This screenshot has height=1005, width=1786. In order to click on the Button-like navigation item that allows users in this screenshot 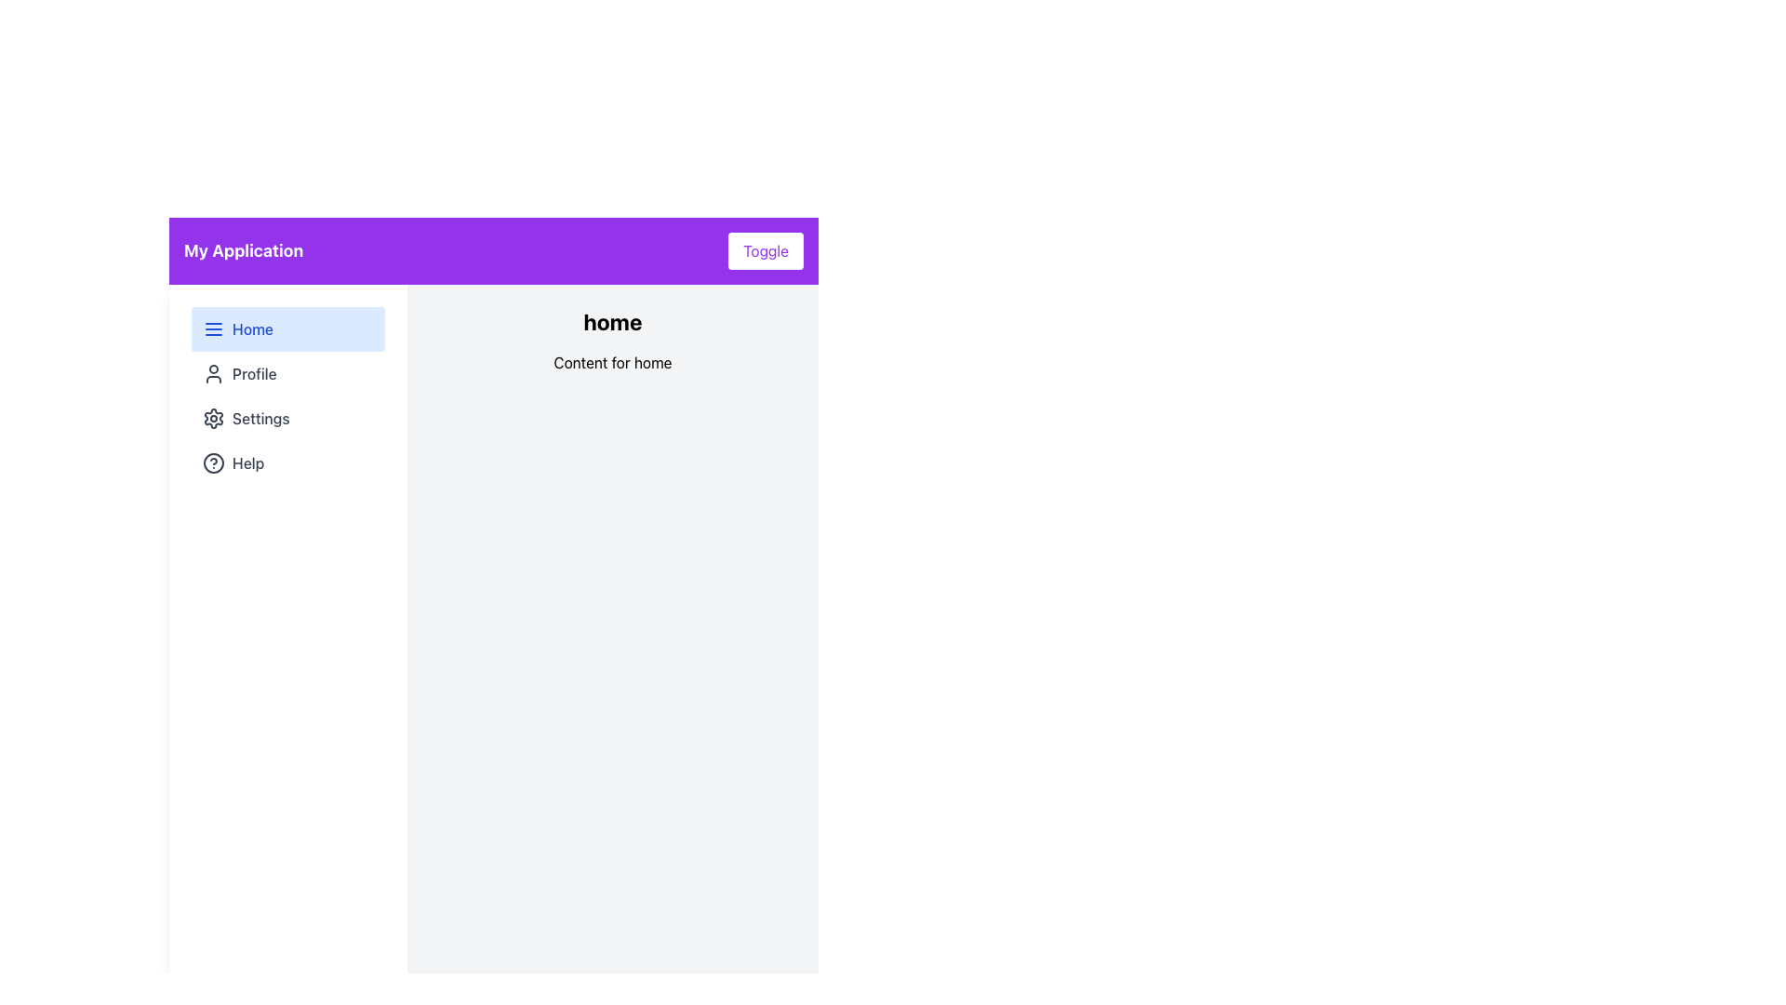, I will do `click(287, 419)`.